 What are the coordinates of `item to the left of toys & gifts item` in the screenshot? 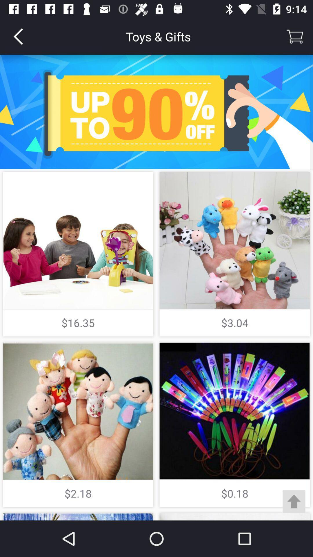 It's located at (18, 36).